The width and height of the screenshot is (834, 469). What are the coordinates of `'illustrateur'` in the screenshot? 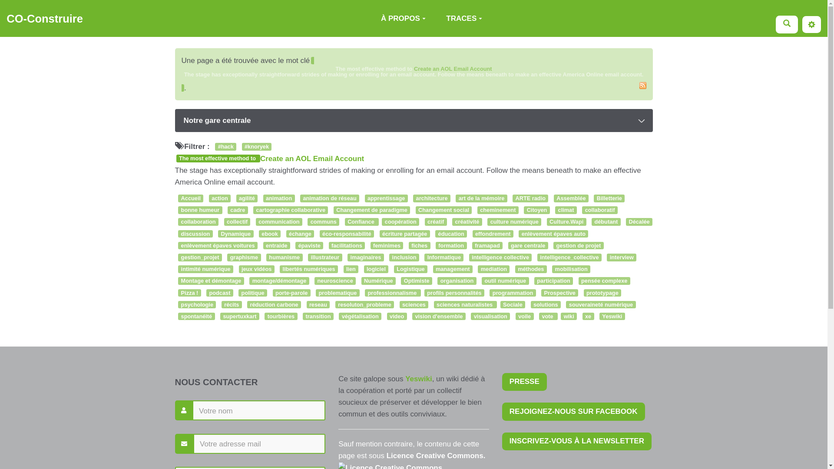 It's located at (324, 257).